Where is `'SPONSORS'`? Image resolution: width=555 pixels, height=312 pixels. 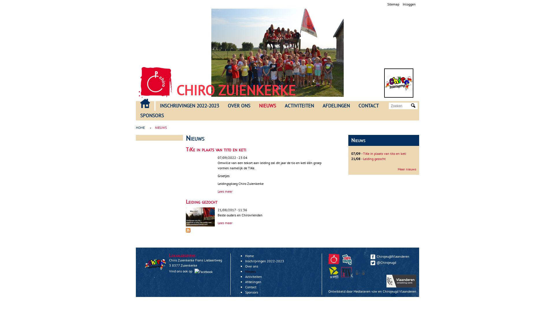
'SPONSORS' is located at coordinates (152, 116).